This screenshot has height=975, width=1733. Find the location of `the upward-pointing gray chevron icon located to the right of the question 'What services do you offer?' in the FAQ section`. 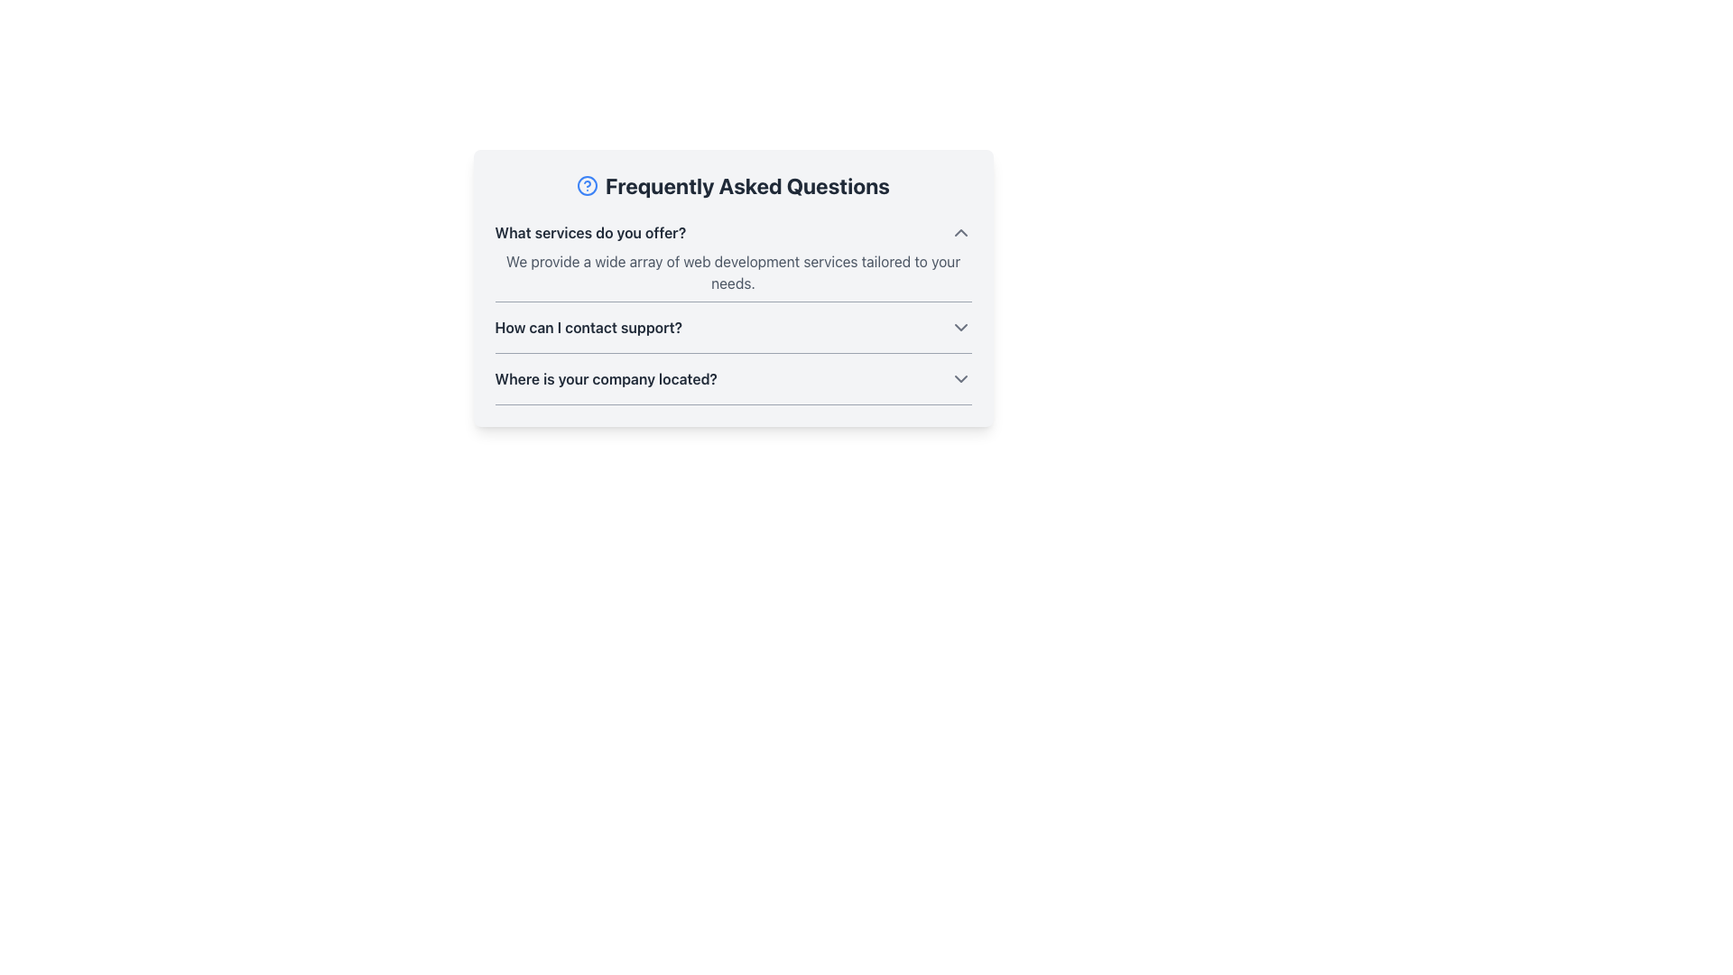

the upward-pointing gray chevron icon located to the right of the question 'What services do you offer?' in the FAQ section is located at coordinates (959, 232).